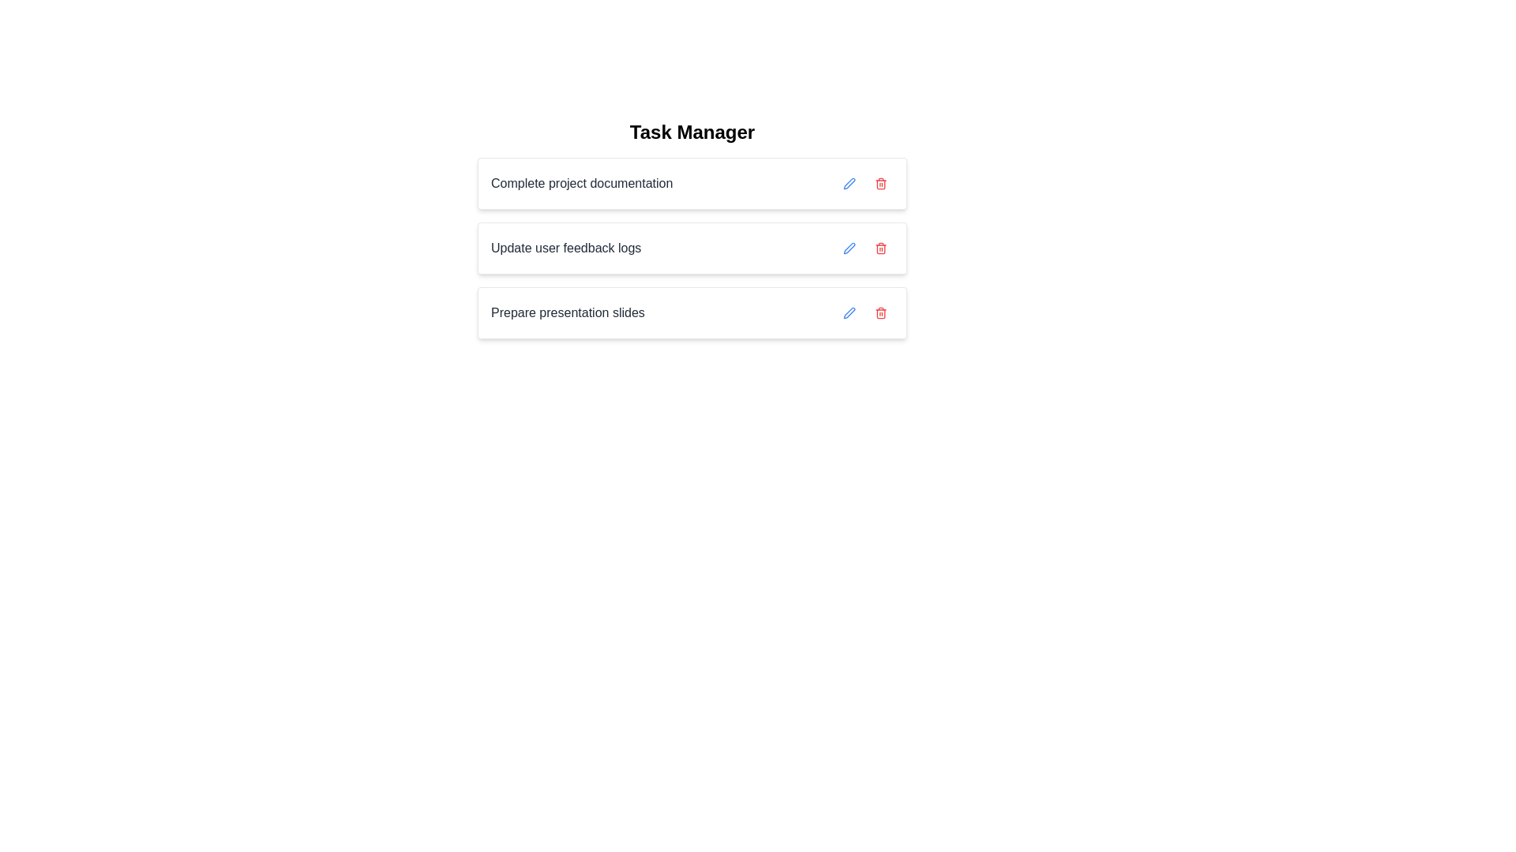 The height and width of the screenshot is (852, 1516). I want to click on the pen icon, which represents edit functionality, located on the right side of the second task entry, so click(848, 312).